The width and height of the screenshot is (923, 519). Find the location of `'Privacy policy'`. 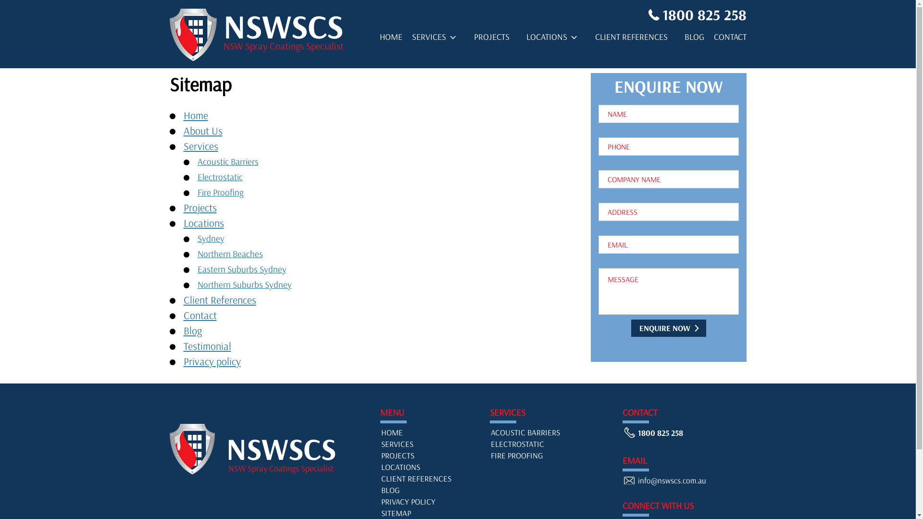

'Privacy policy' is located at coordinates (184, 361).